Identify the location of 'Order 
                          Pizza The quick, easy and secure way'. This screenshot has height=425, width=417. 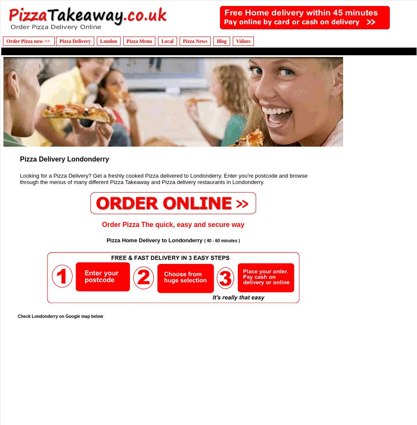
(173, 224).